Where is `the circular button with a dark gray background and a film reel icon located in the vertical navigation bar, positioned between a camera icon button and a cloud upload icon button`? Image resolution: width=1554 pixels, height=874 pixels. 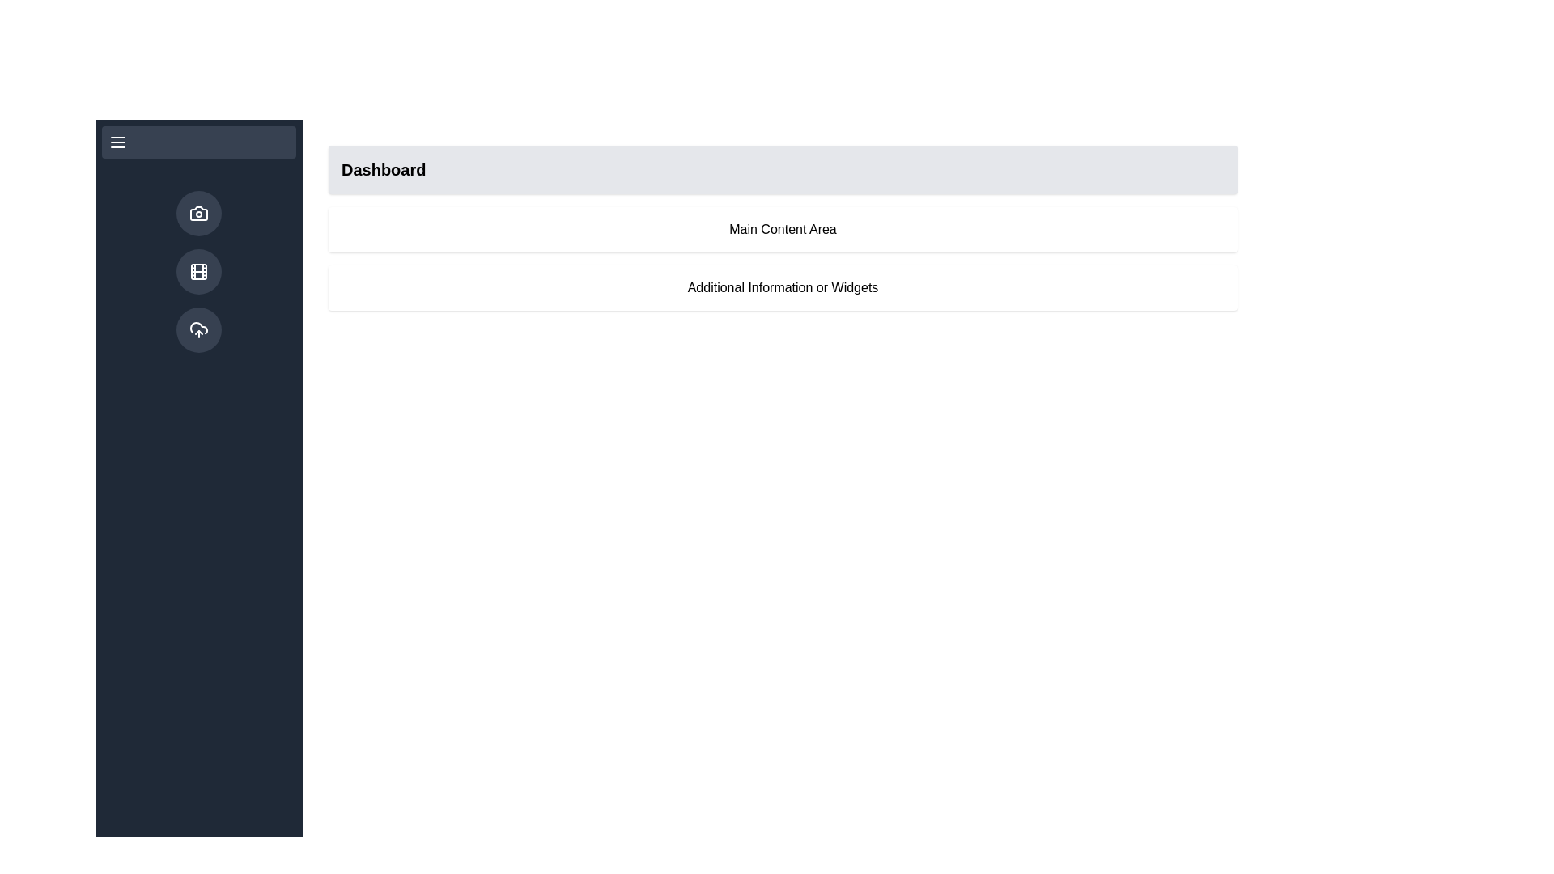 the circular button with a dark gray background and a film reel icon located in the vertical navigation bar, positioned between a camera icon button and a cloud upload icon button is located at coordinates (197, 270).